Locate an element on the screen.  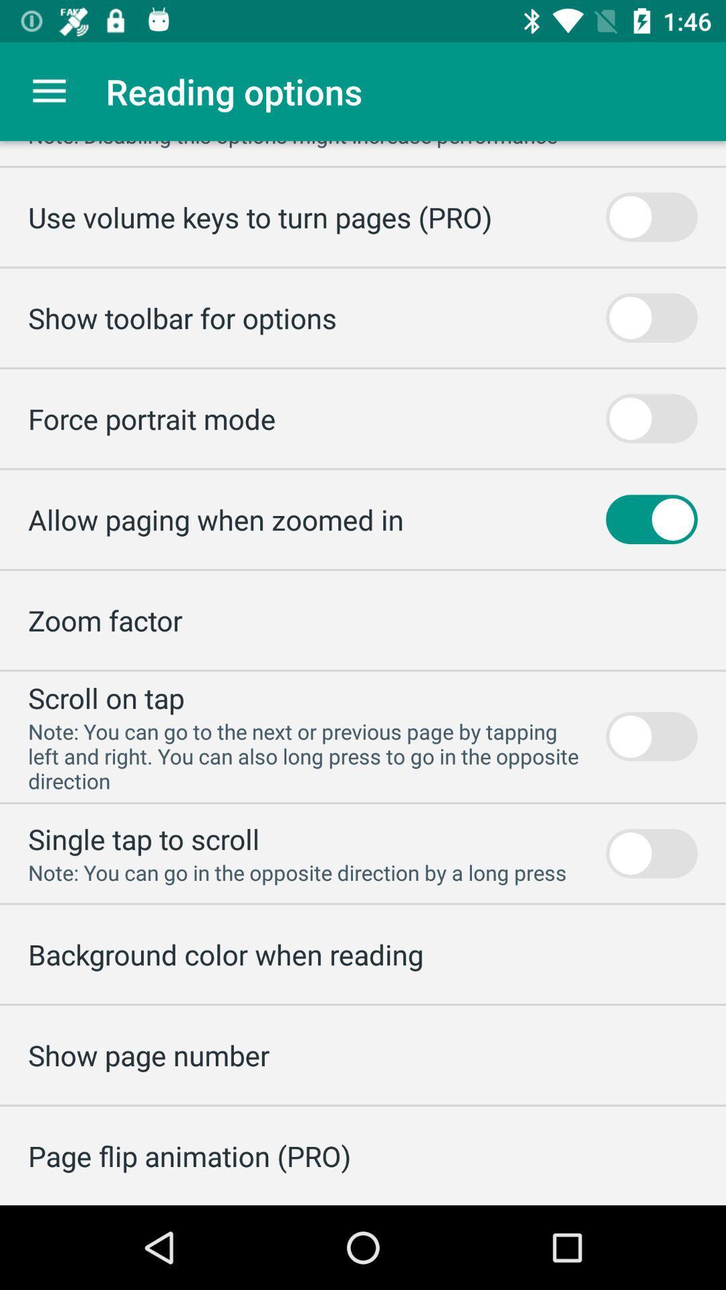
item above zoom factor icon is located at coordinates (215, 519).